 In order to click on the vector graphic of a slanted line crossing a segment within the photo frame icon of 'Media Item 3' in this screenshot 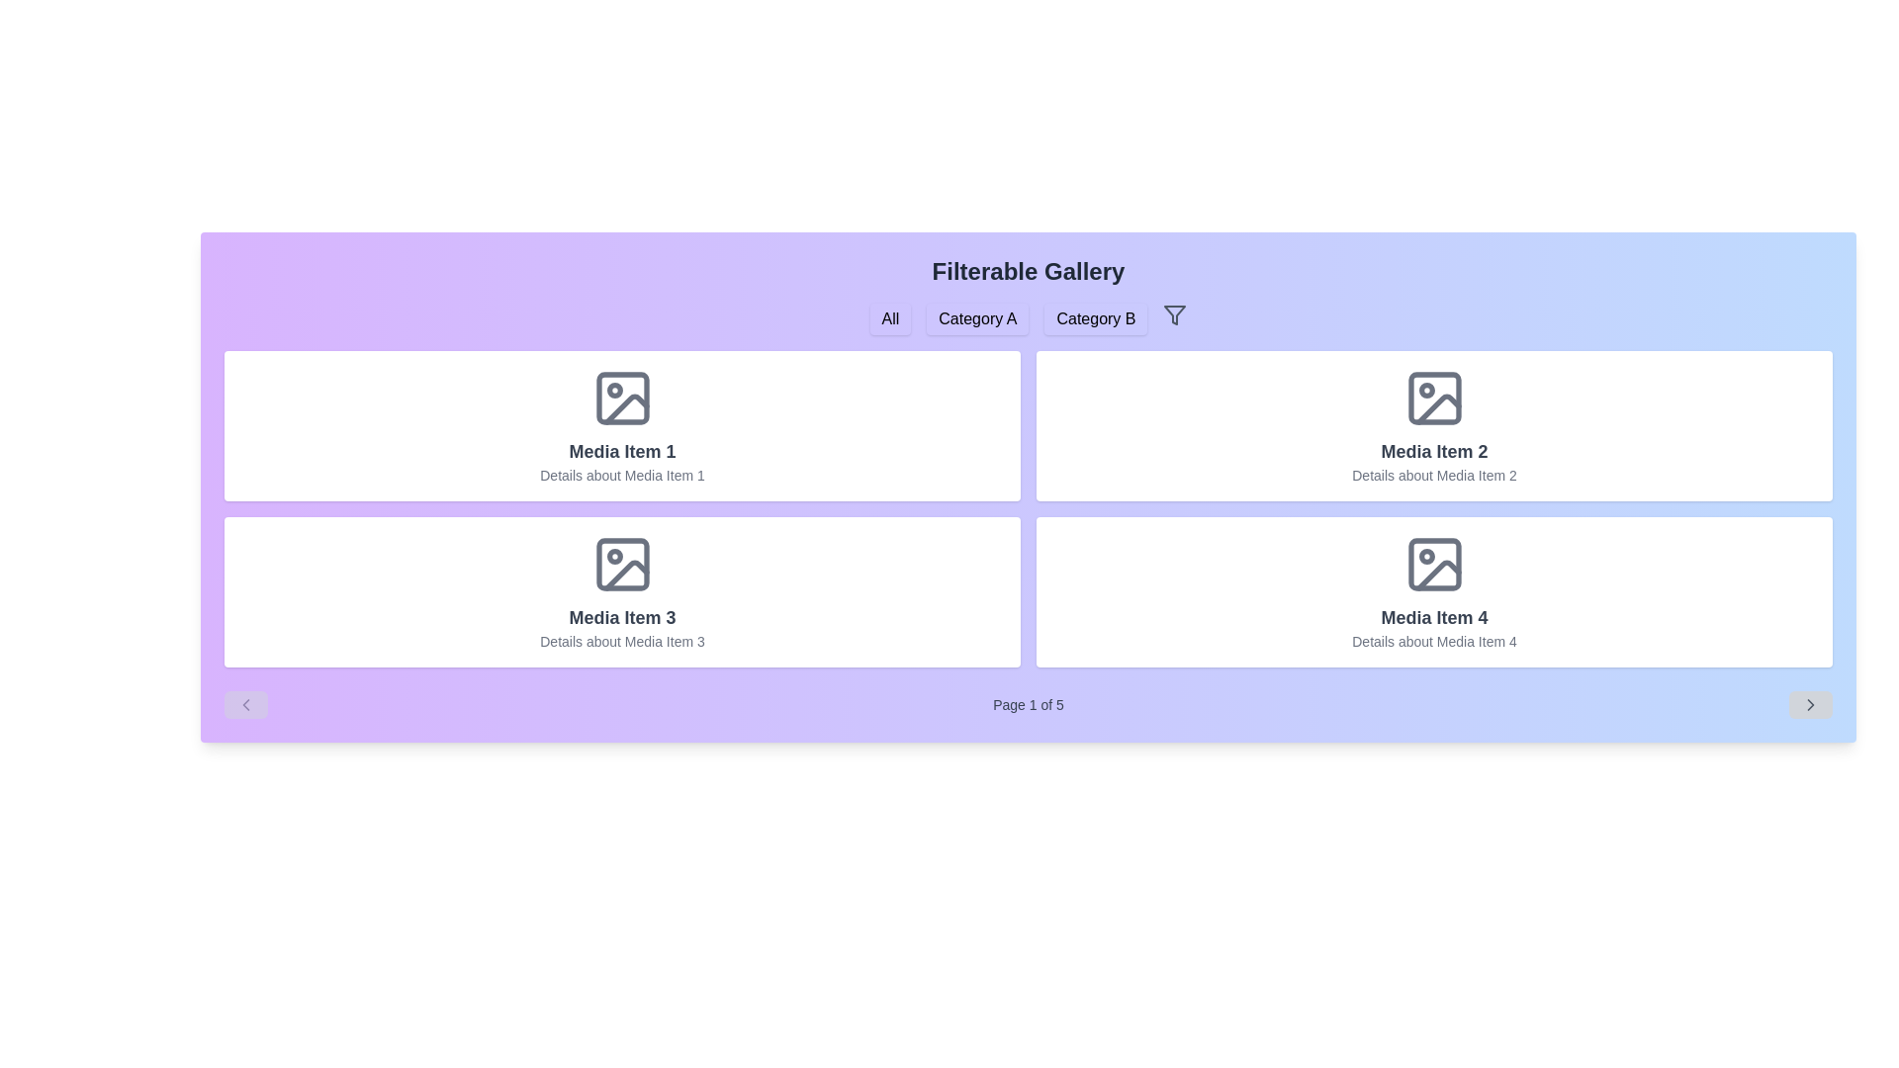, I will do `click(625, 576)`.